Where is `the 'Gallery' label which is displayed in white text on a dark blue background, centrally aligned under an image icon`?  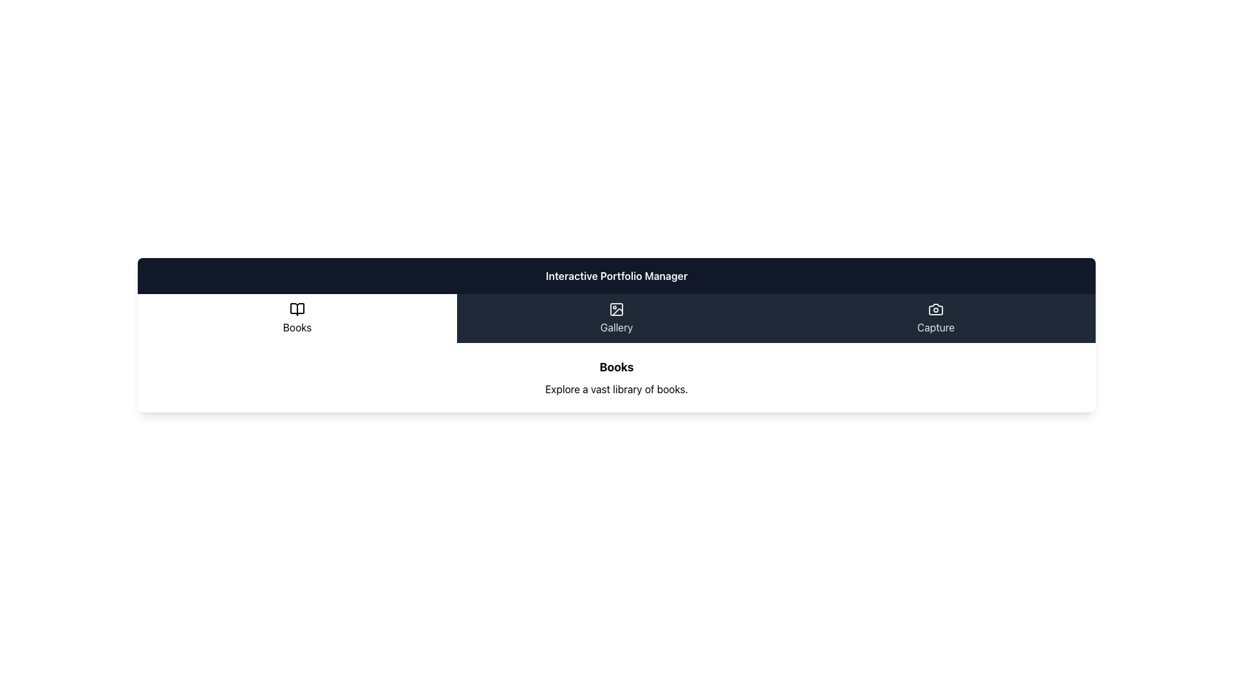
the 'Gallery' label which is displayed in white text on a dark blue background, centrally aligned under an image icon is located at coordinates (616, 327).